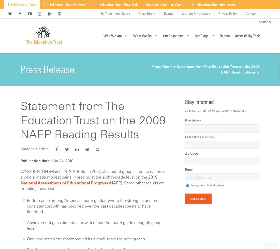 The image size is (280, 249). What do you see at coordinates (218, 13) in the screenshot?
I see `'Privacy Policy'` at bounding box center [218, 13].